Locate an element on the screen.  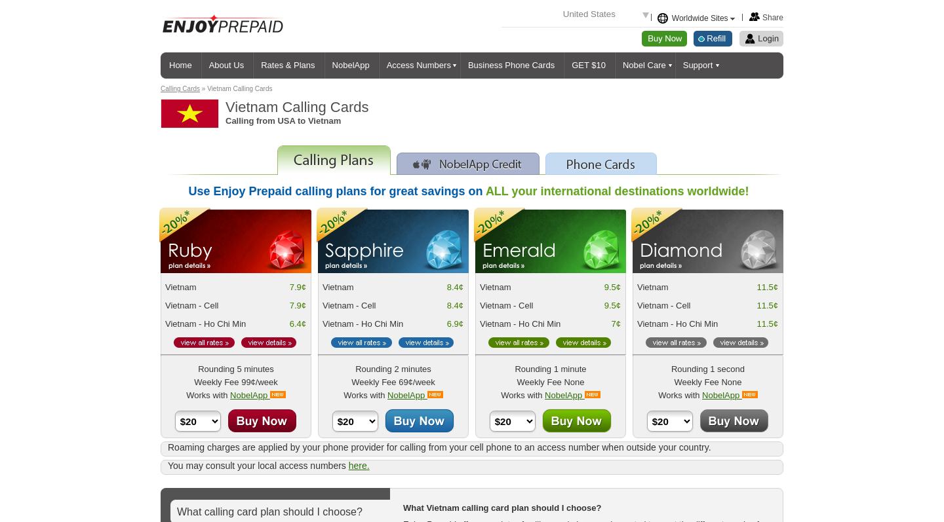
'Use Enjoy Prepaid calling plans for great savings on' is located at coordinates (336, 191).